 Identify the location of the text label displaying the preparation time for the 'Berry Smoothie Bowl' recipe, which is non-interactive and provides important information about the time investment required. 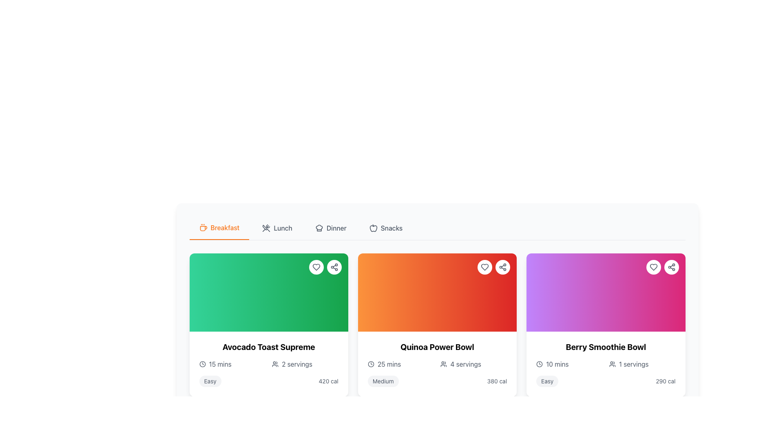
(557, 364).